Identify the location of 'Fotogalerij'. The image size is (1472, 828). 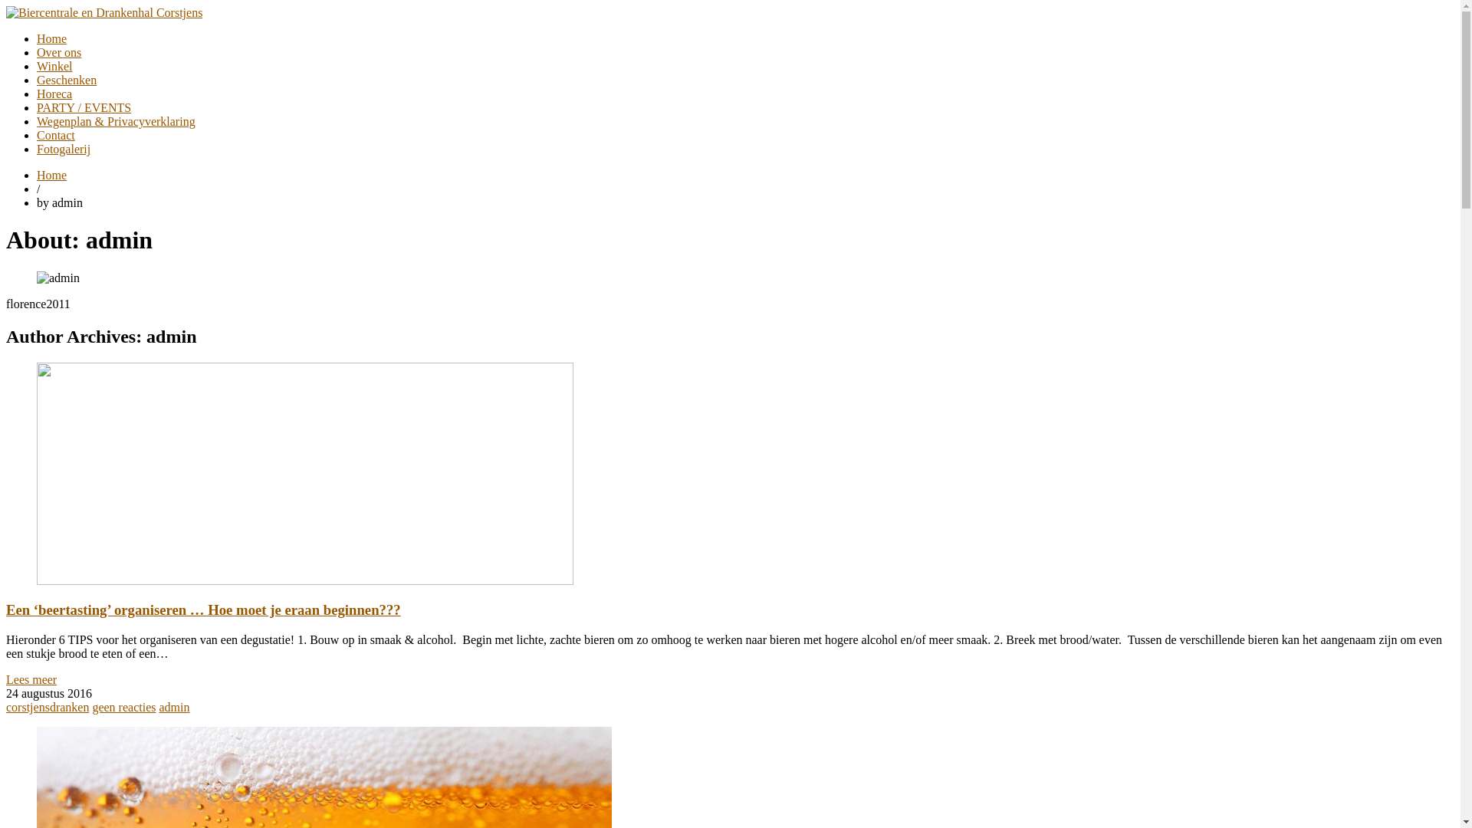
(62, 149).